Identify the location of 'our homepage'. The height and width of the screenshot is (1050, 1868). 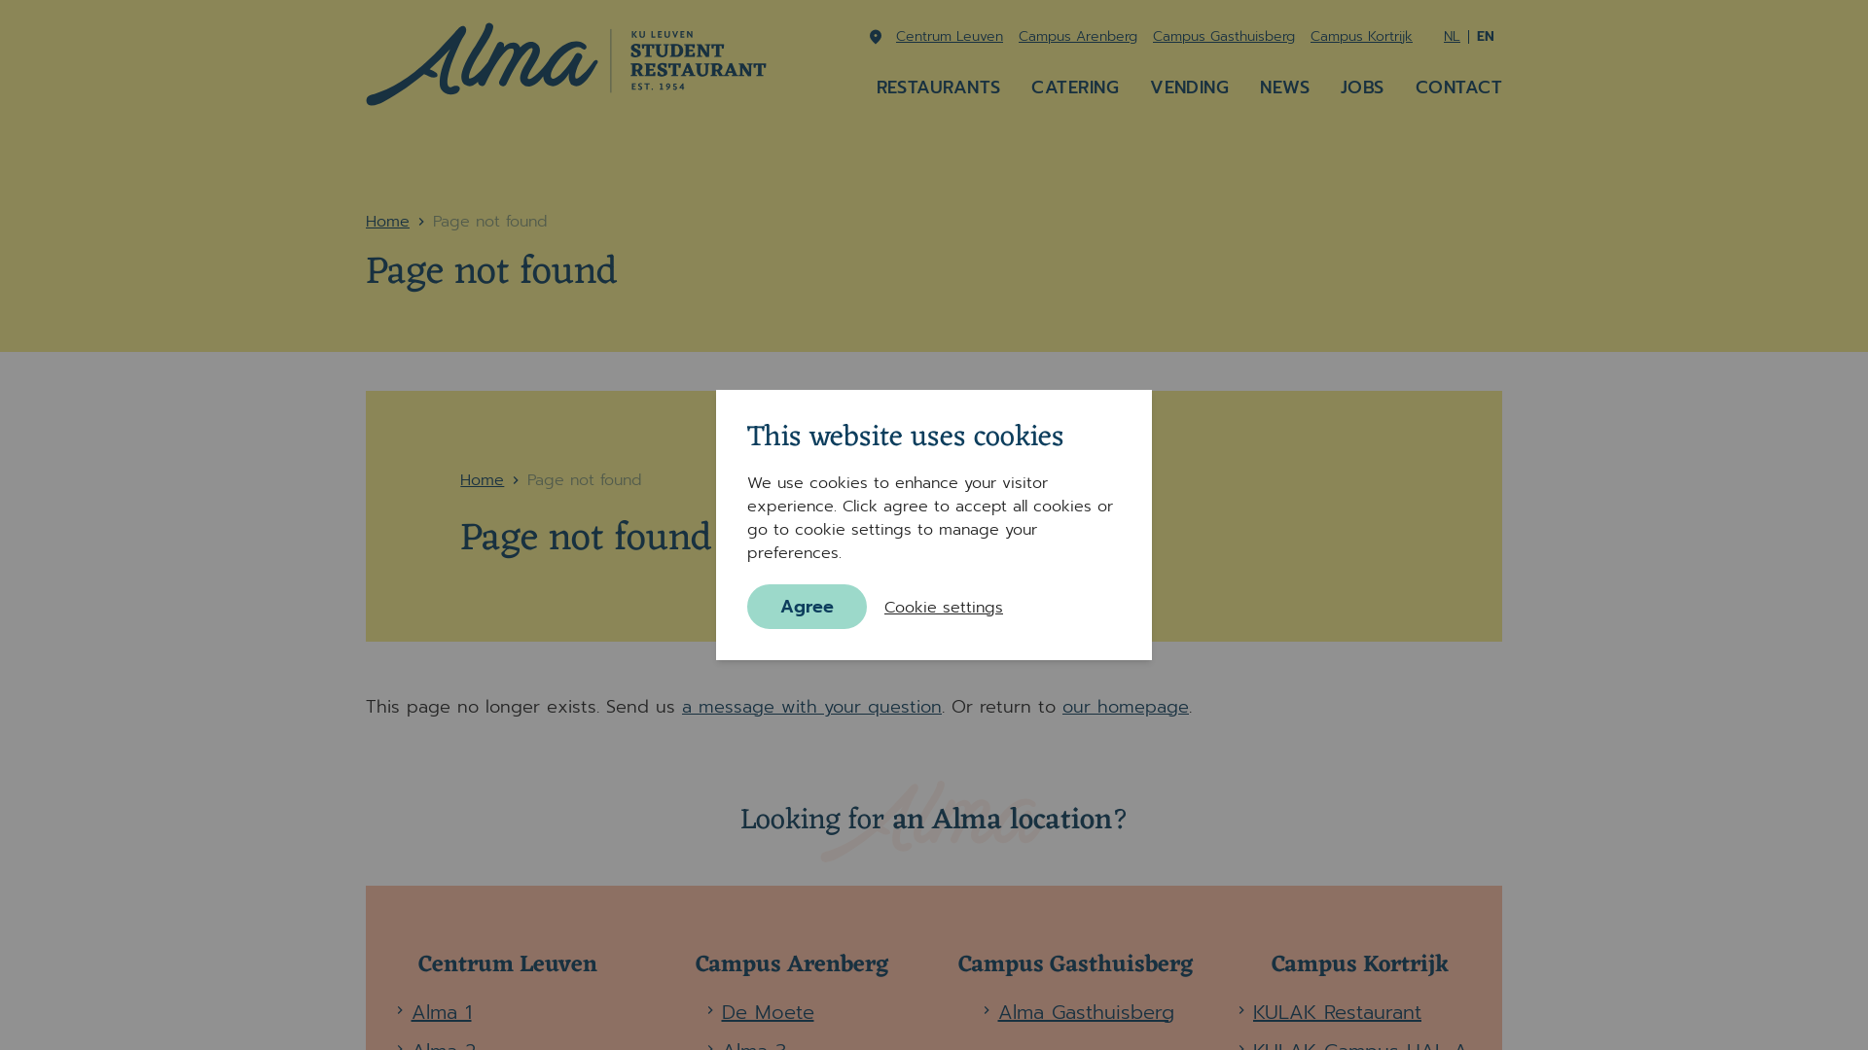
(1125, 706).